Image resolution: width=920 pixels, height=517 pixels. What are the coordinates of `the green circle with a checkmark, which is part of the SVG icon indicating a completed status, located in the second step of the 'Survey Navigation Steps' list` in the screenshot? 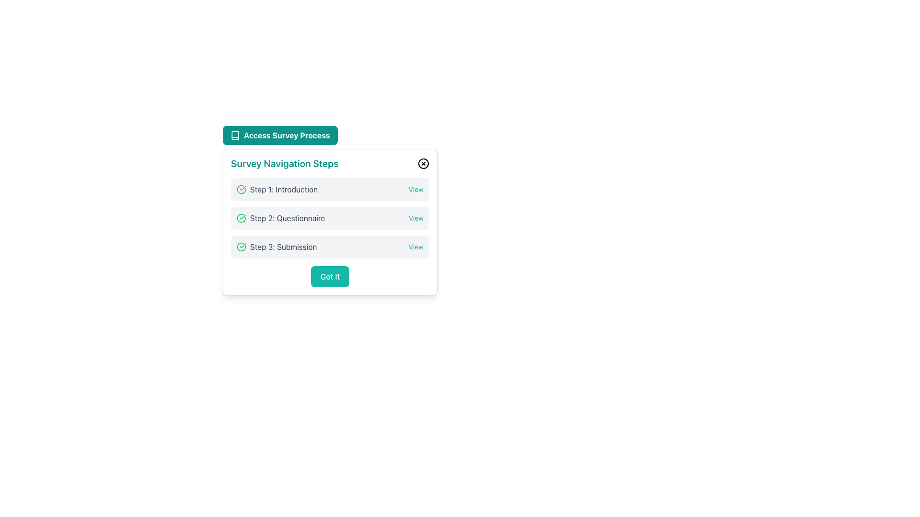 It's located at (241, 190).